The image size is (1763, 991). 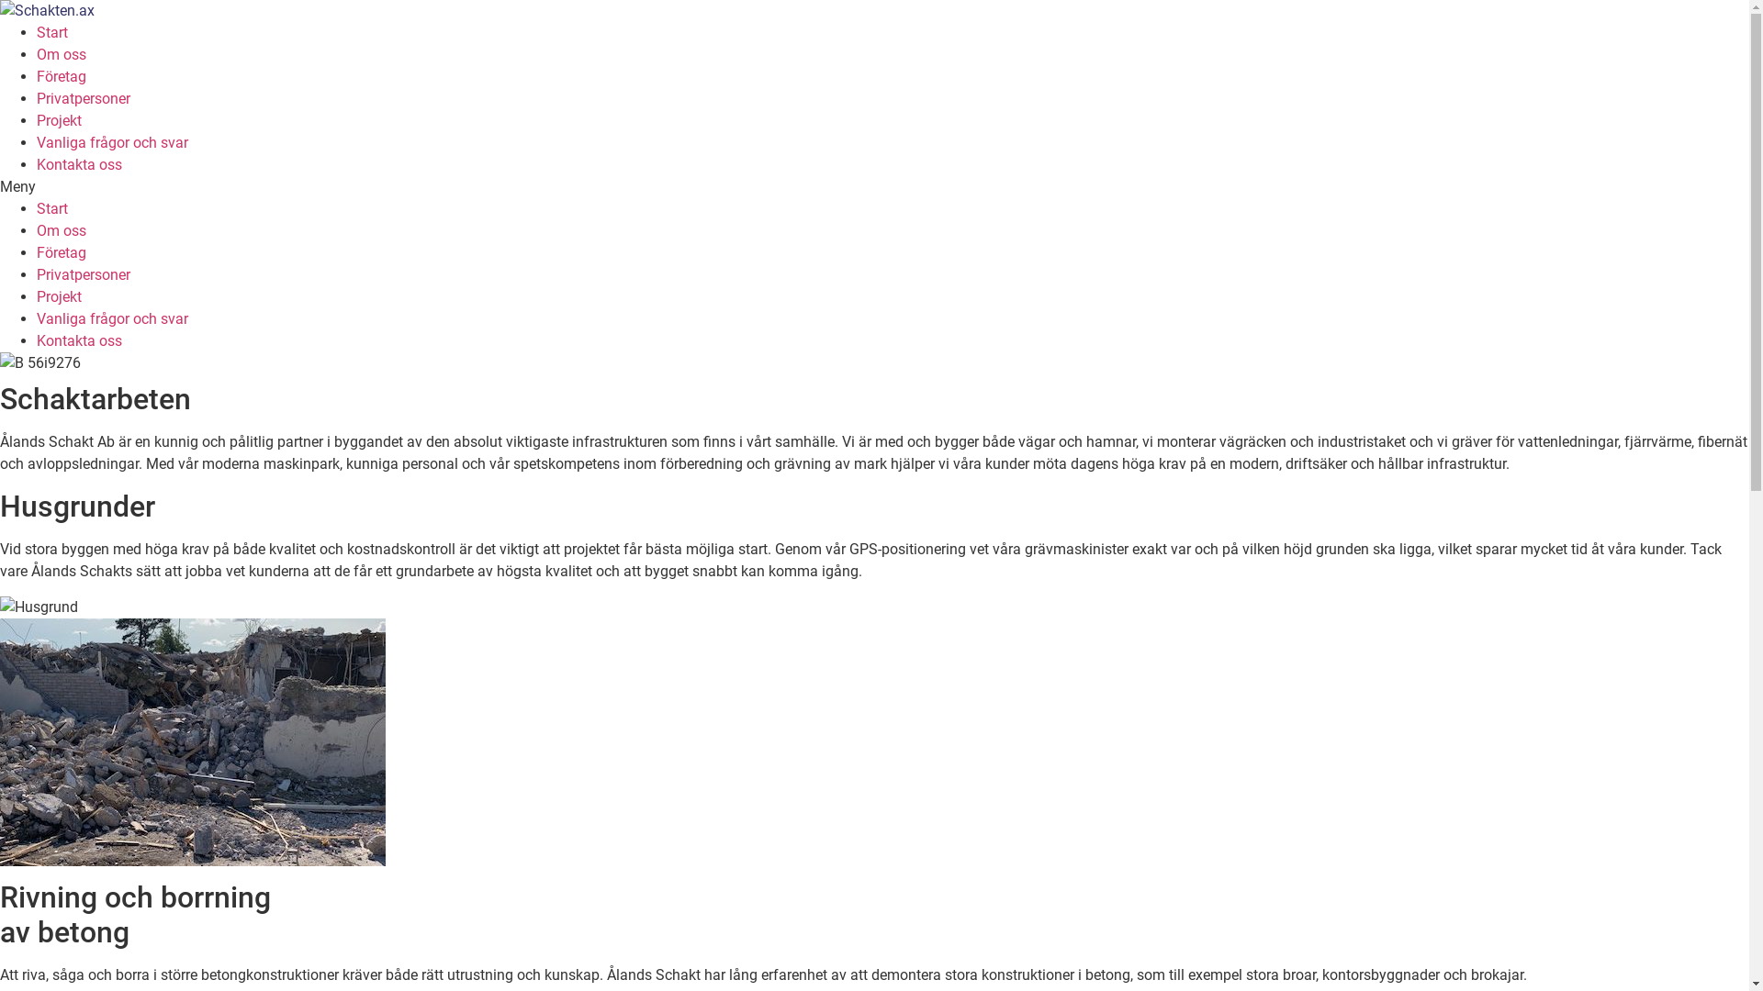 I want to click on 'Kontakta oss', so click(x=78, y=340).